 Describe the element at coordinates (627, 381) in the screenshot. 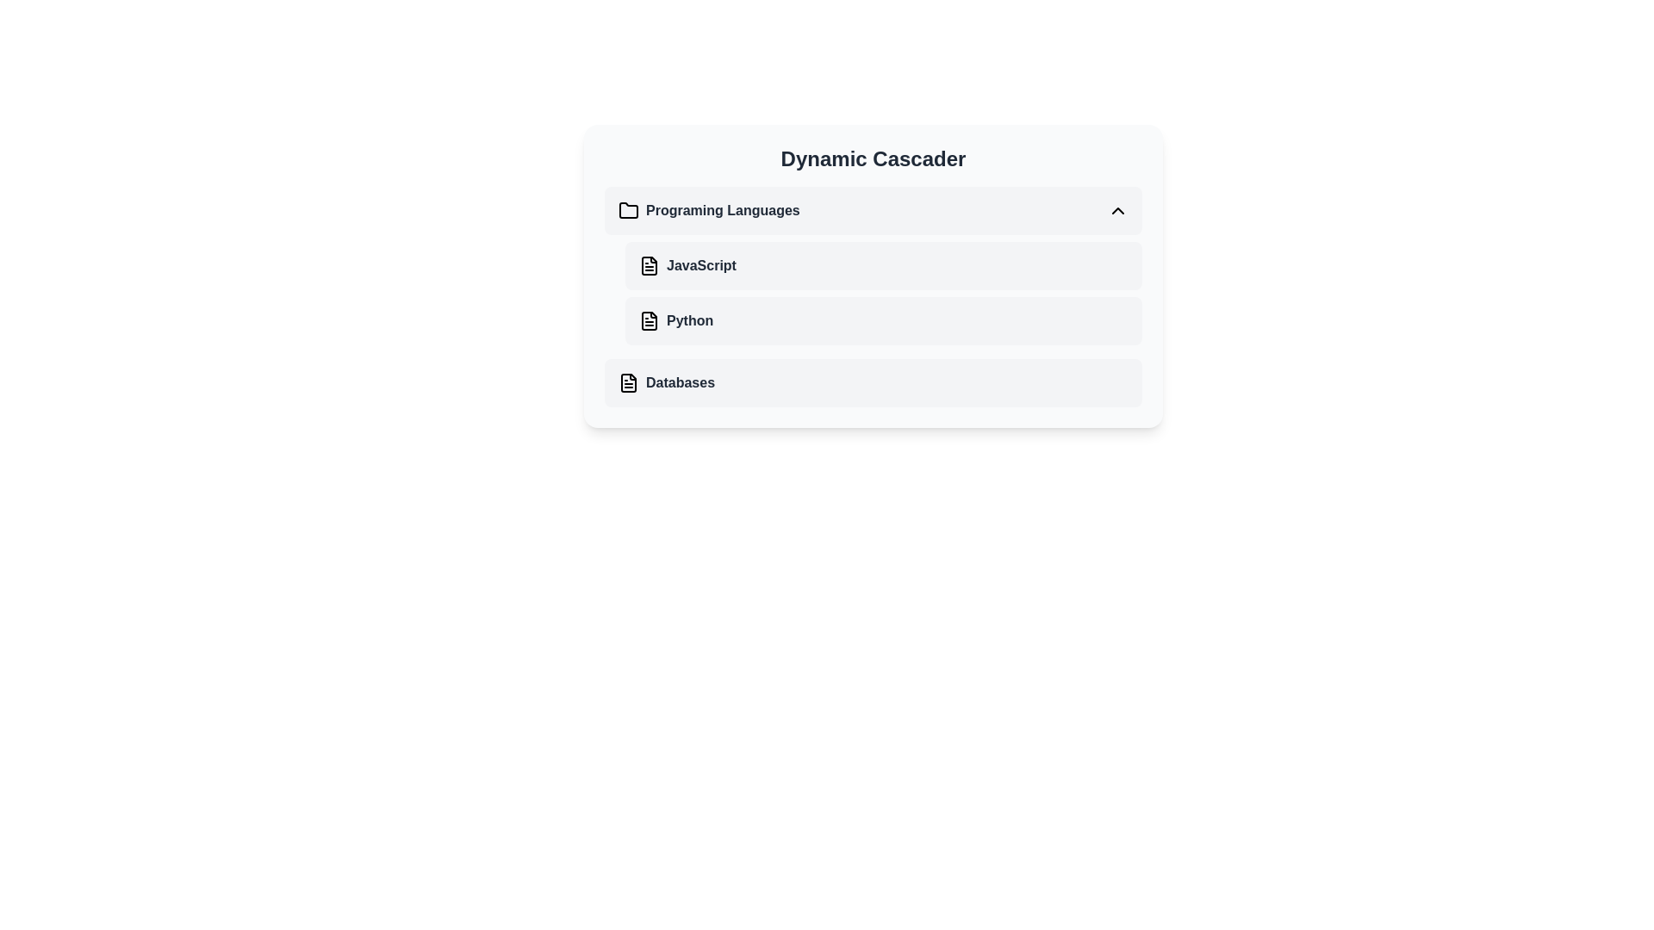

I see `the document icon labeled 'Databases', which is part of a vertically aligned list under the title 'Dynamic Cascader'` at that location.